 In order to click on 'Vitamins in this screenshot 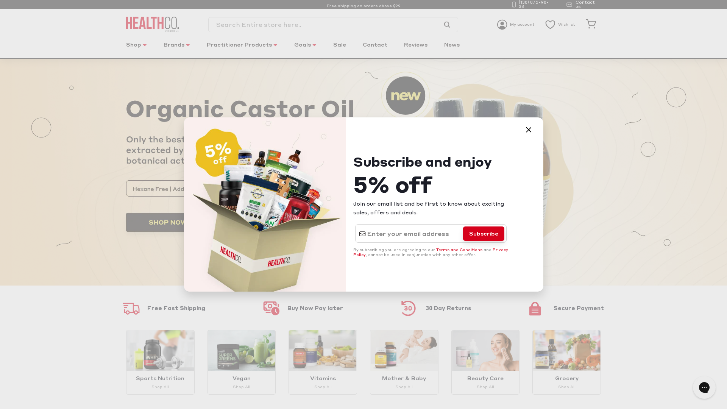, I will do `click(323, 362)`.